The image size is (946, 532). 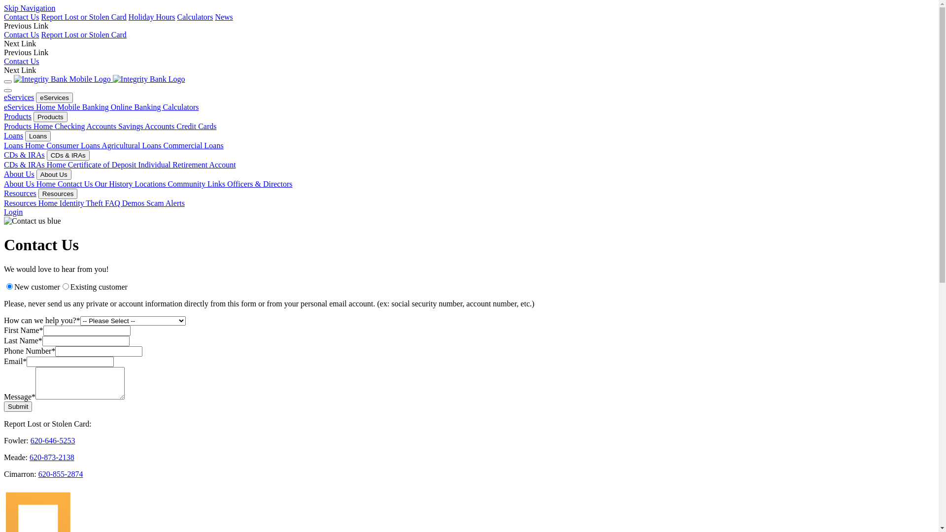 What do you see at coordinates (83, 107) in the screenshot?
I see `'Mobile Banking'` at bounding box center [83, 107].